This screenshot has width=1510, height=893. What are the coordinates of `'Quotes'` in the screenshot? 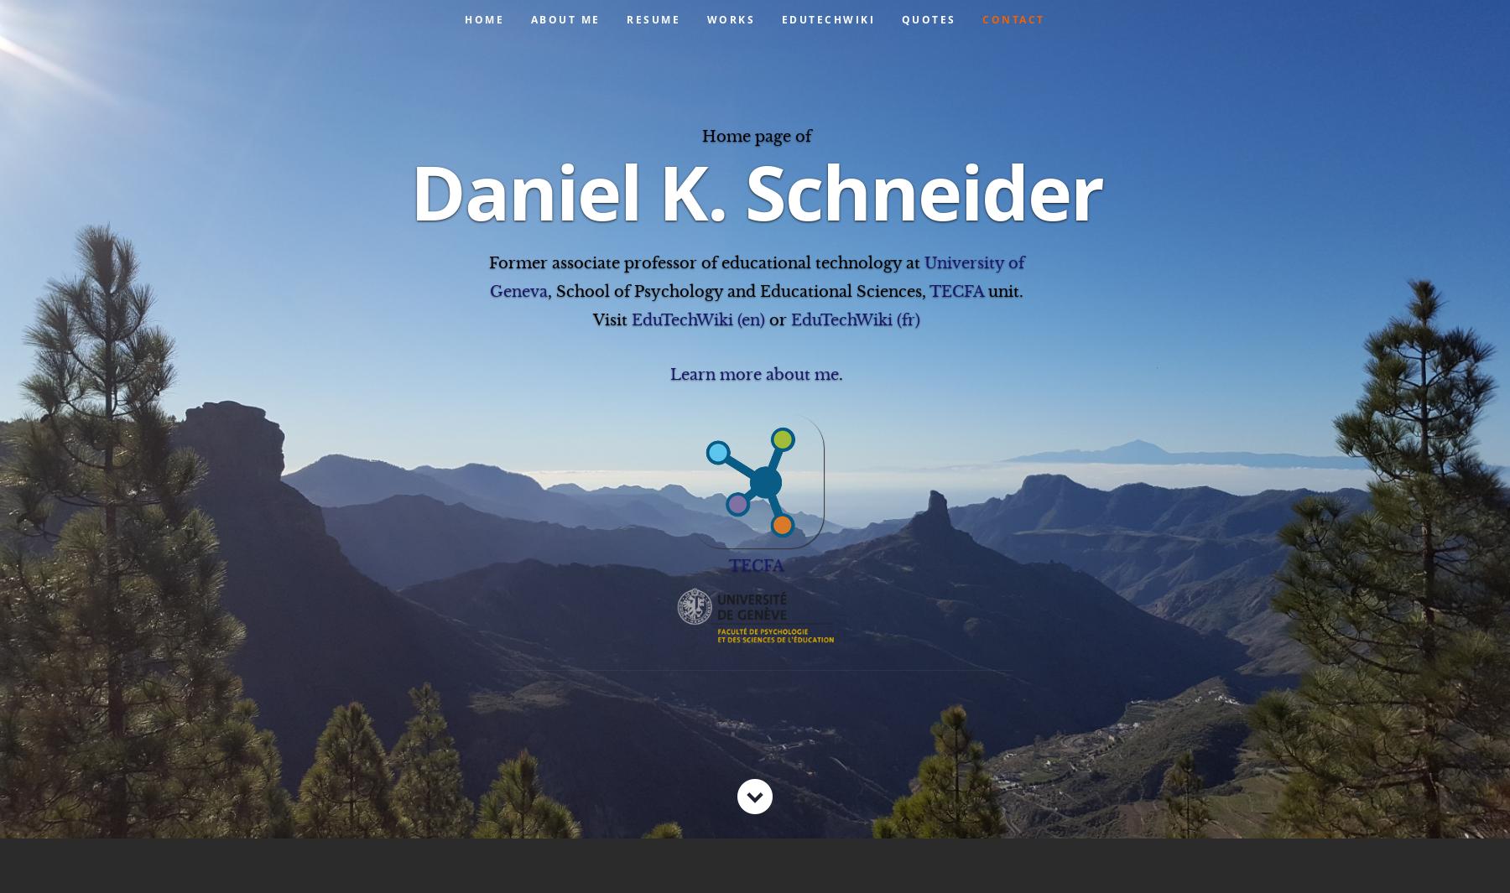 It's located at (928, 18).